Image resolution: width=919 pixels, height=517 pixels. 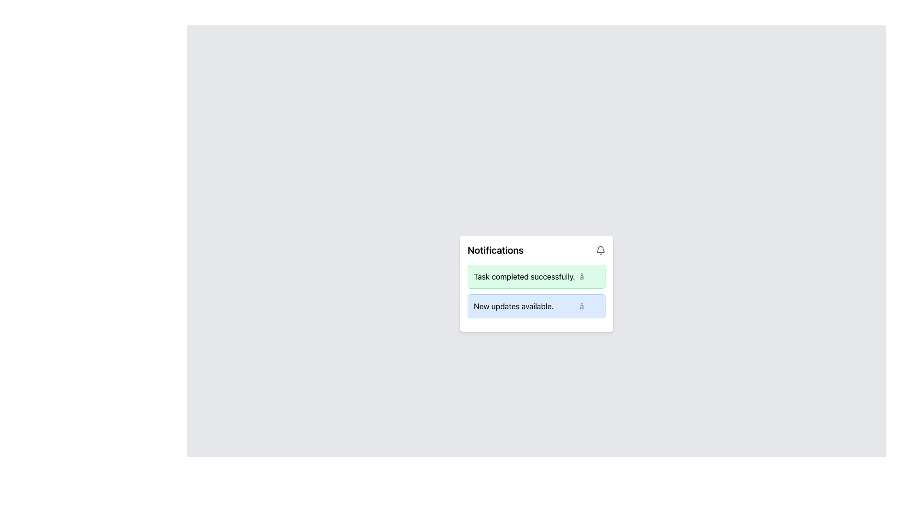 I want to click on the static text label stating 'New updates available.' which is displayed in a bold black font on a light blue background, so click(x=513, y=306).